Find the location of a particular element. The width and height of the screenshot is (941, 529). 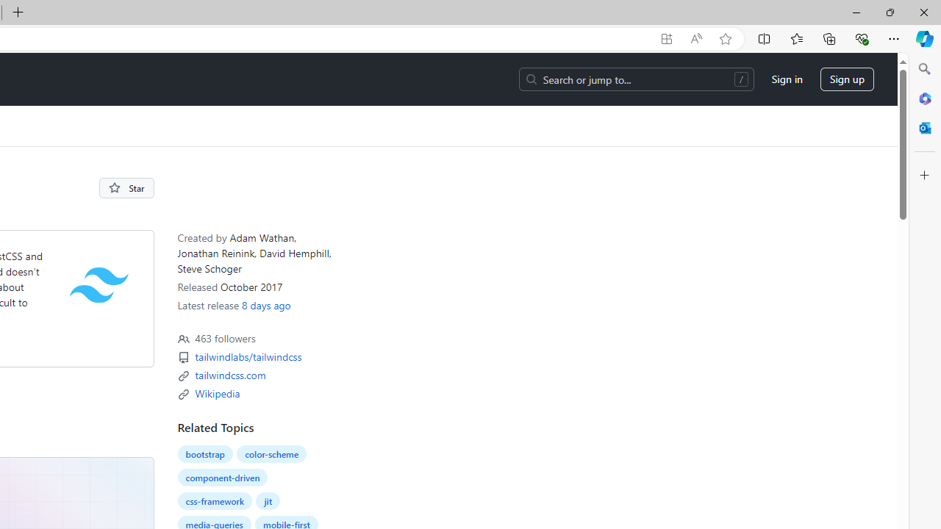

'Topic followers' is located at coordinates (182, 339).